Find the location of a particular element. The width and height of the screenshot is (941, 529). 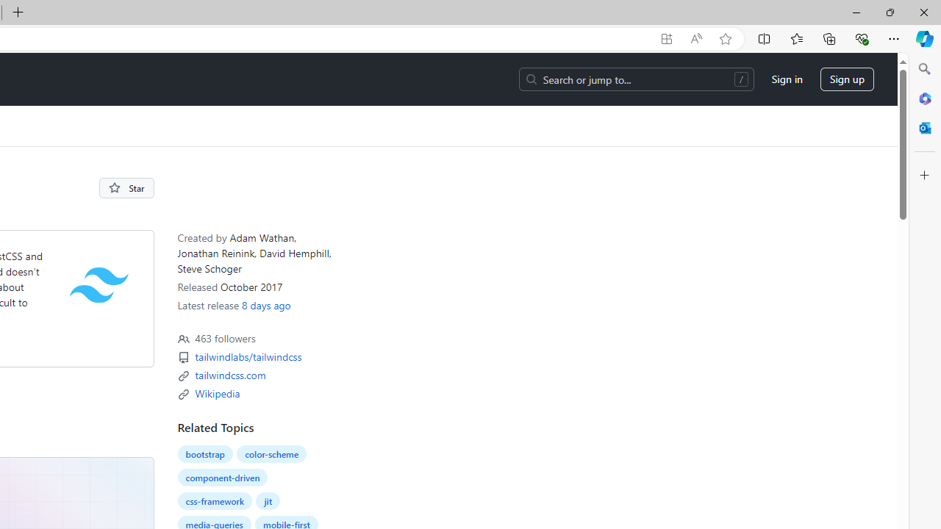

'Topic followers' is located at coordinates (182, 339).